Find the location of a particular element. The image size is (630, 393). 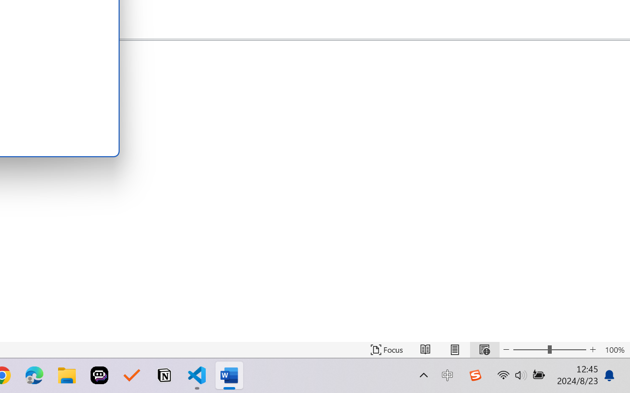

'Zoom 100%' is located at coordinates (614, 349).